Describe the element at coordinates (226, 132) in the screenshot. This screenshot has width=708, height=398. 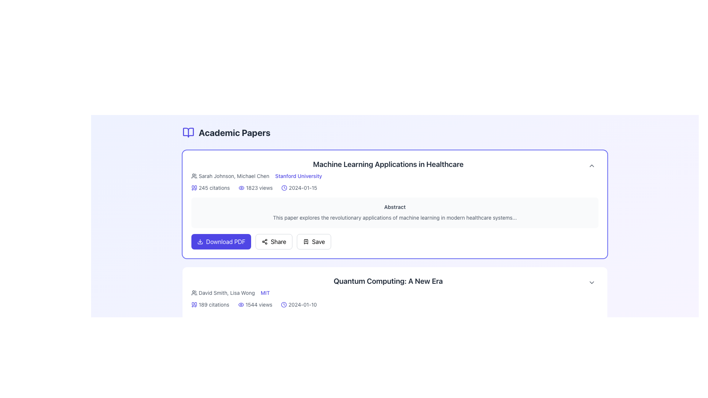
I see `the Header element that combines an opened book icon and the text 'Academic Papers', which is styled in bold and large font, located at the top section of the interface` at that location.